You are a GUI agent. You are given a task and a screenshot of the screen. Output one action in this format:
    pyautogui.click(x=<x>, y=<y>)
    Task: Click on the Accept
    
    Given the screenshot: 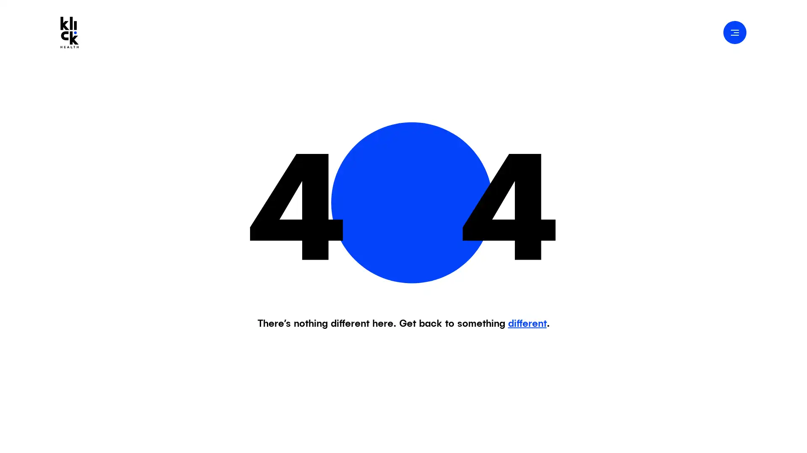 What is the action you would take?
    pyautogui.click(x=725, y=436)
    